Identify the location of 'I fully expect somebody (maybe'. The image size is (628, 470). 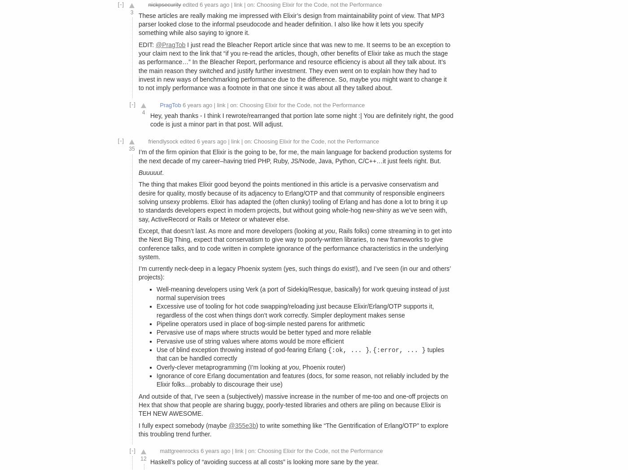
(183, 425).